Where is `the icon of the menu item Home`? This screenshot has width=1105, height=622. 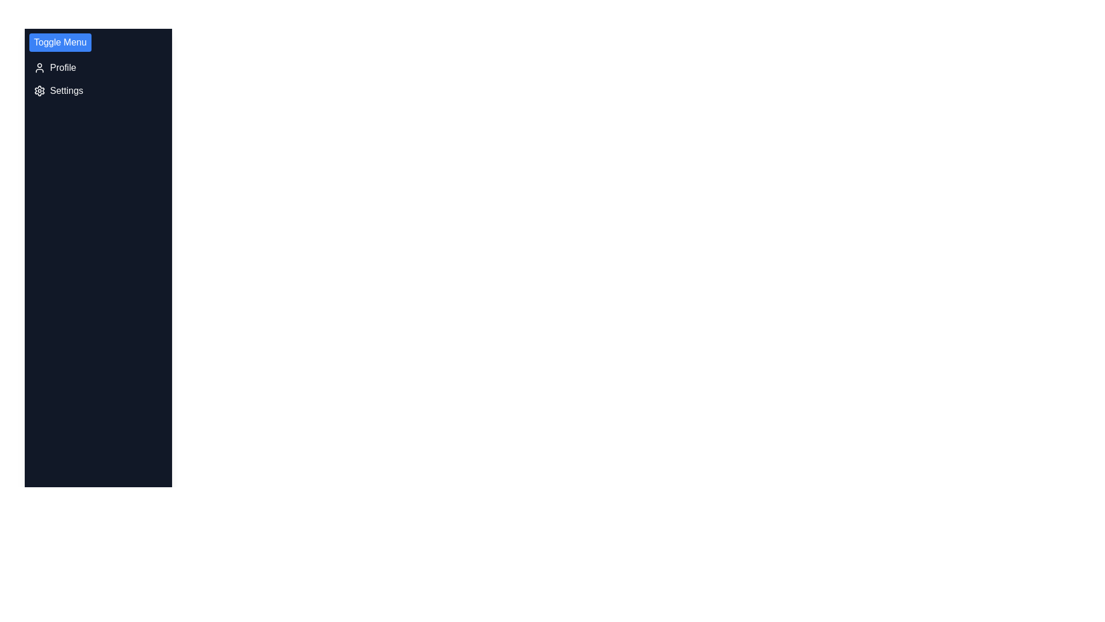
the icon of the menu item Home is located at coordinates (39, 44).